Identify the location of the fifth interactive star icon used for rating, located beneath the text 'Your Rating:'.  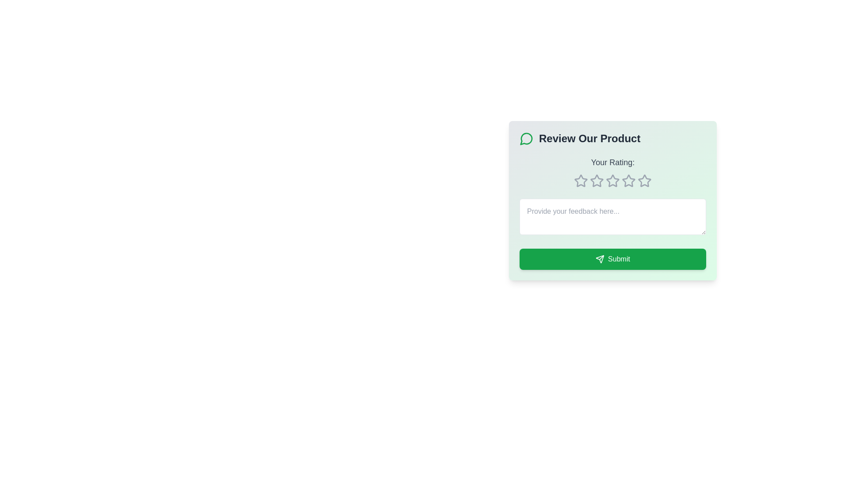
(612, 180).